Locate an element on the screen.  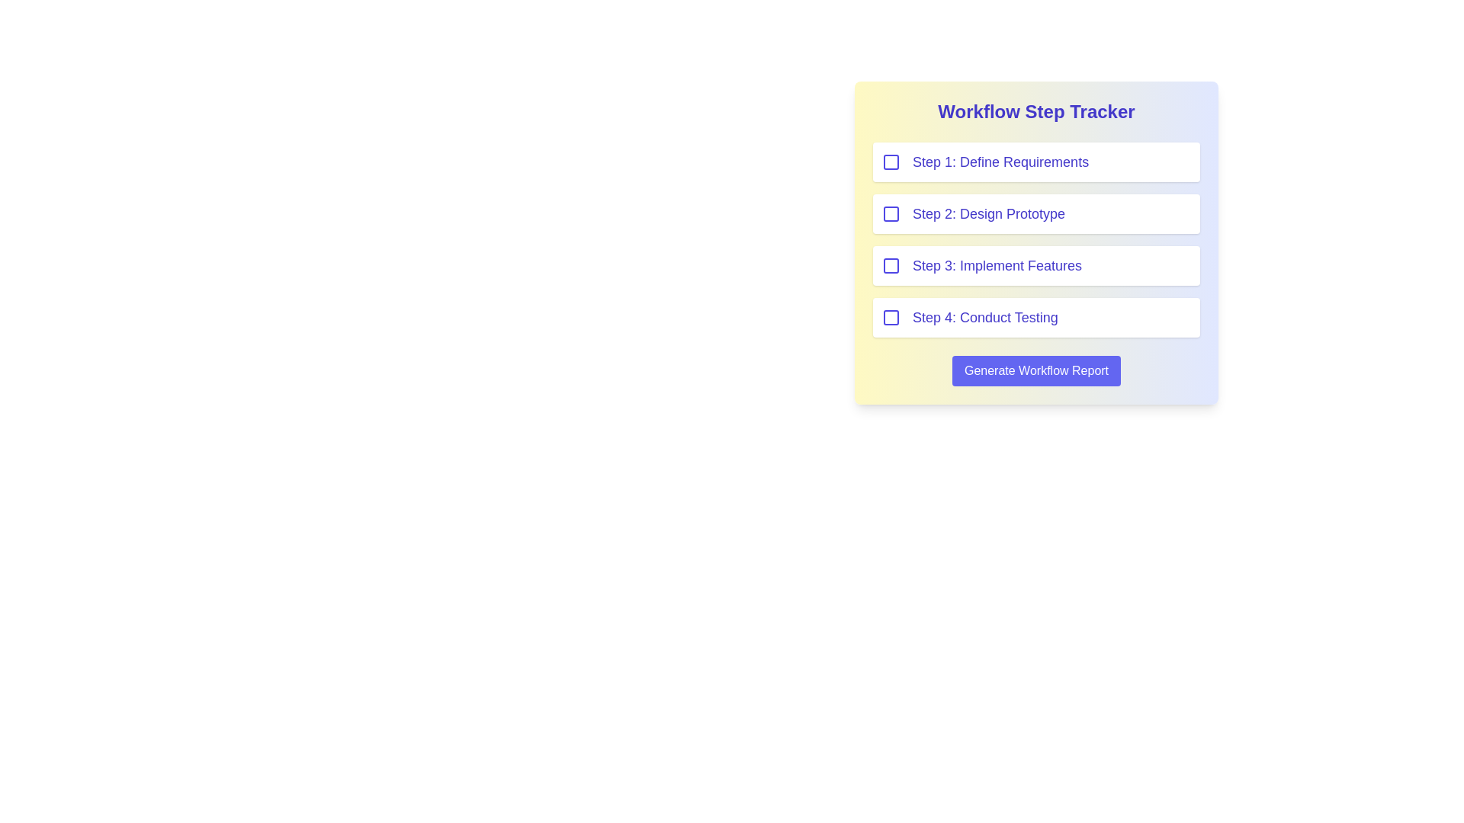
the button located below 'Step 4: Conduct Testing' in the 'Workflow Step Tracker' box to generate the workflow report is located at coordinates (1036, 370).